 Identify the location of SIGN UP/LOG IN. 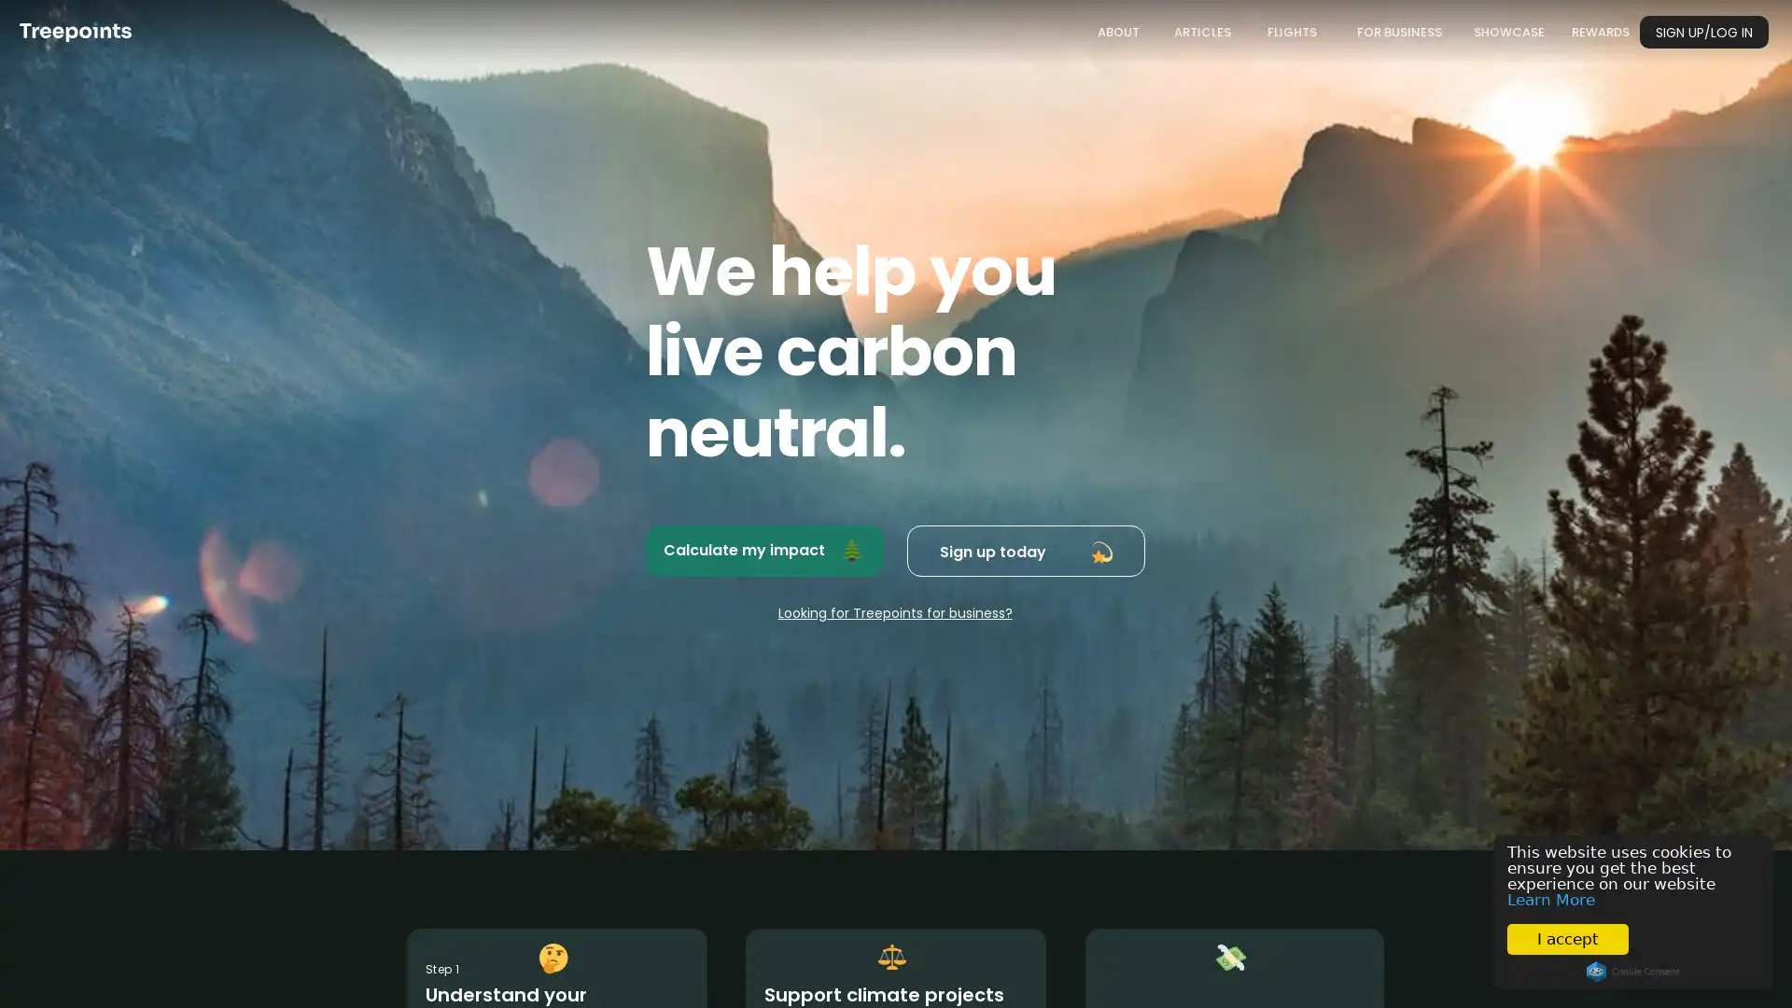
(1703, 32).